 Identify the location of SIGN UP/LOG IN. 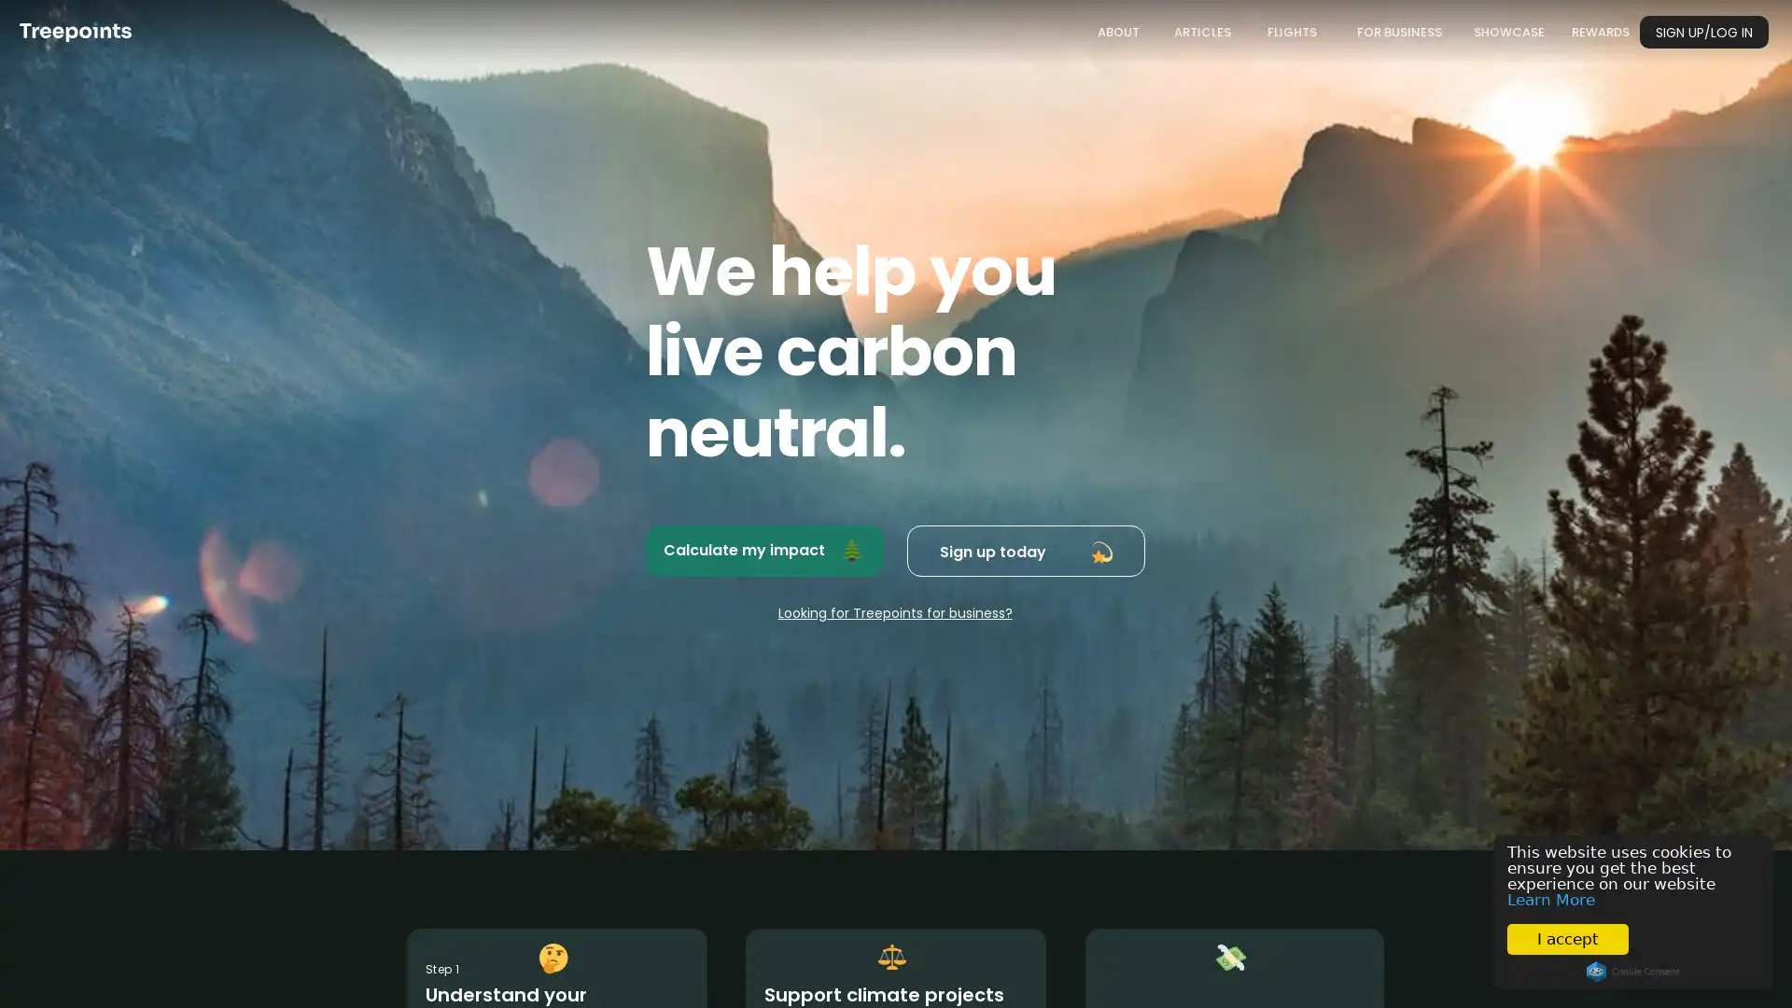
(1703, 32).